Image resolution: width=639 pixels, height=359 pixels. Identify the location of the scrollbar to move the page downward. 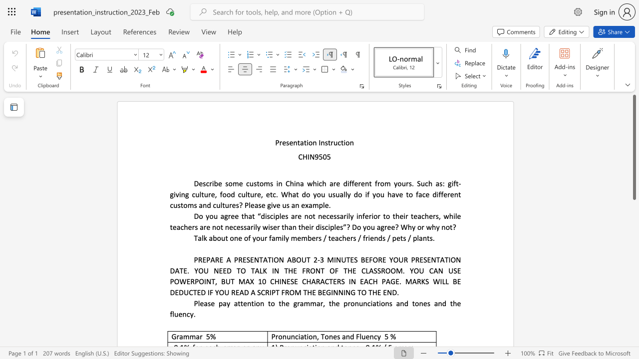
(634, 329).